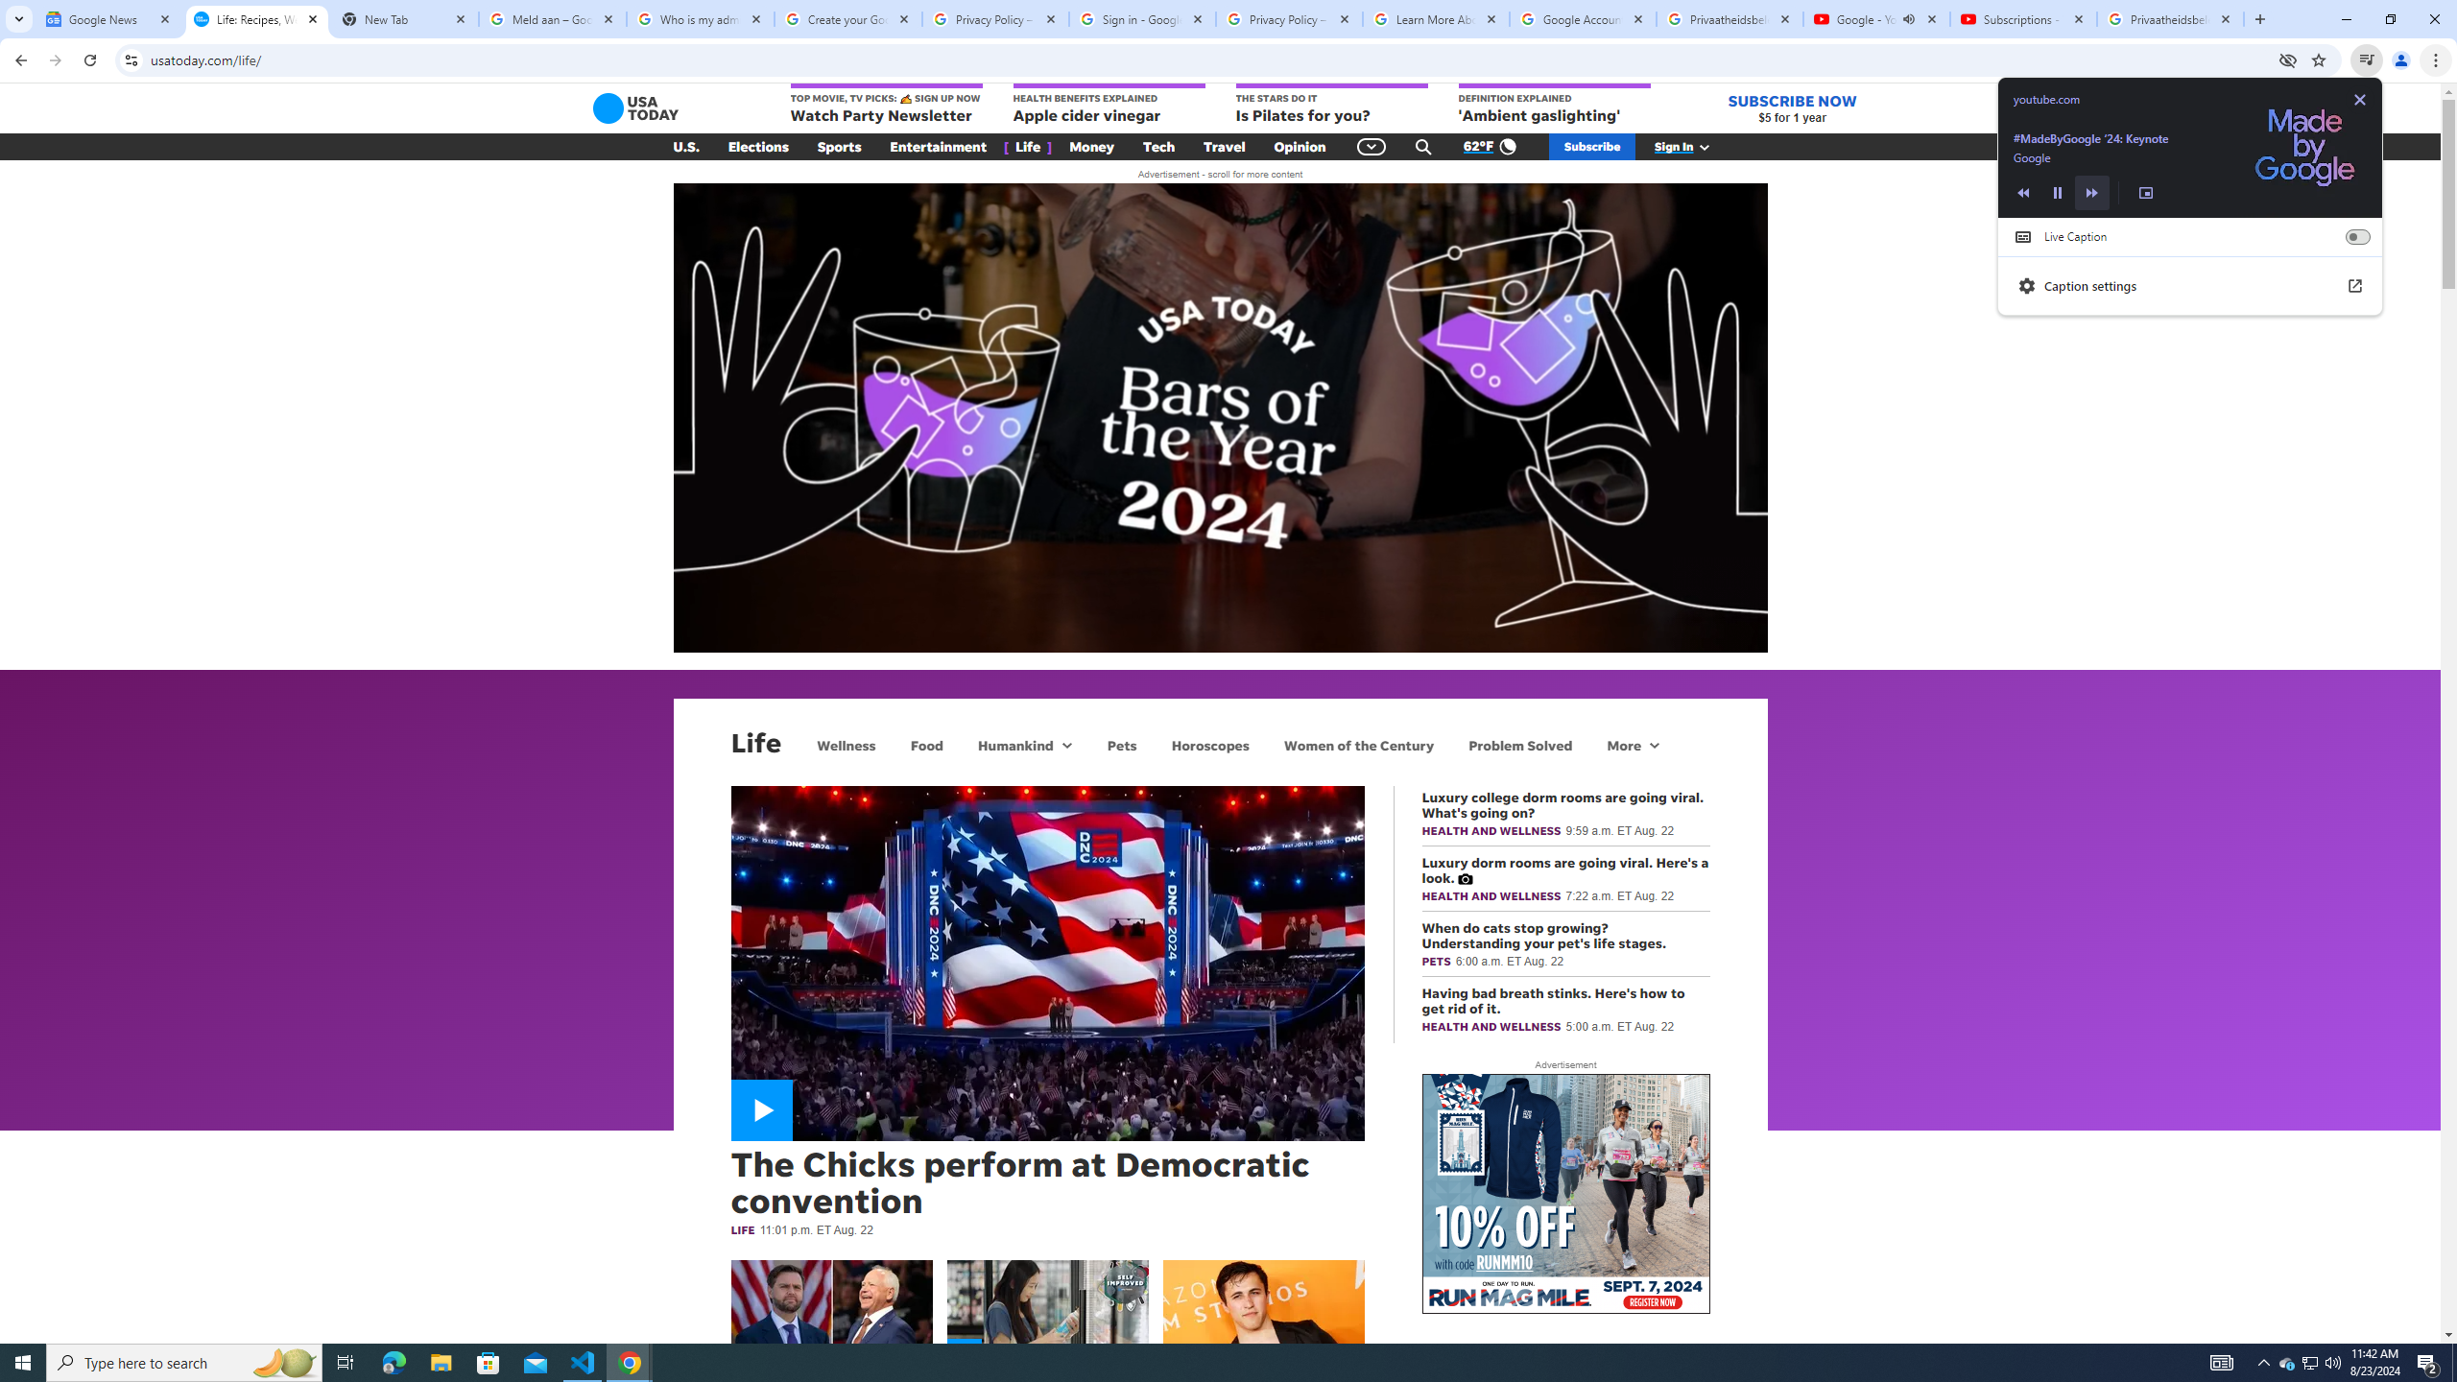 The image size is (2457, 1382). I want to click on 'THE STARS DO IT Is Pilates for you?', so click(1330, 104).